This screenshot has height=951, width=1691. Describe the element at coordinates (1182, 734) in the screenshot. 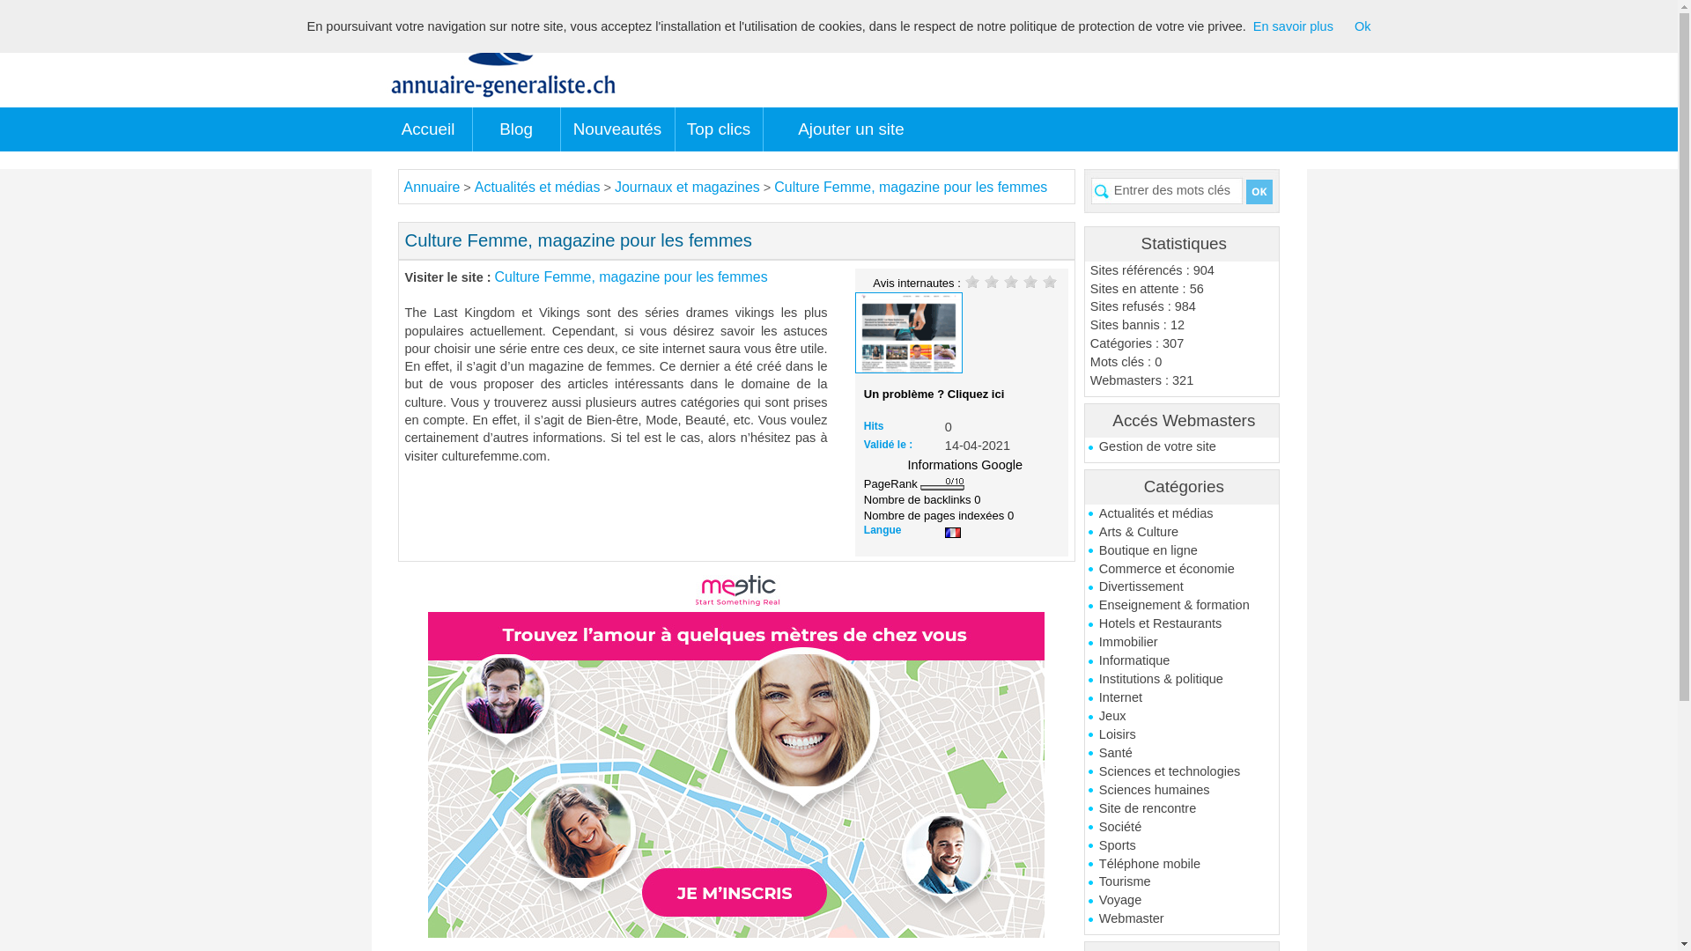

I see `'Loisirs'` at that location.